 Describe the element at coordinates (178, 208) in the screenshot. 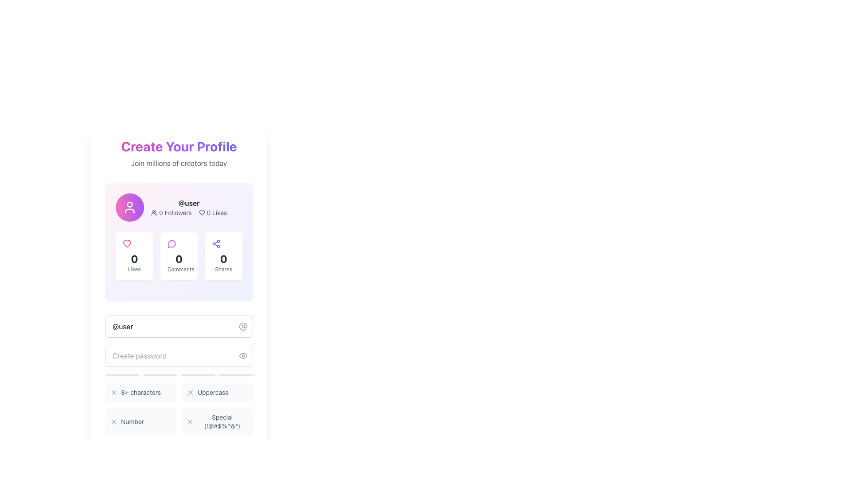

I see `the Profile summary section located near the top center of the viewport, below the header section that prompts profile creation` at that location.